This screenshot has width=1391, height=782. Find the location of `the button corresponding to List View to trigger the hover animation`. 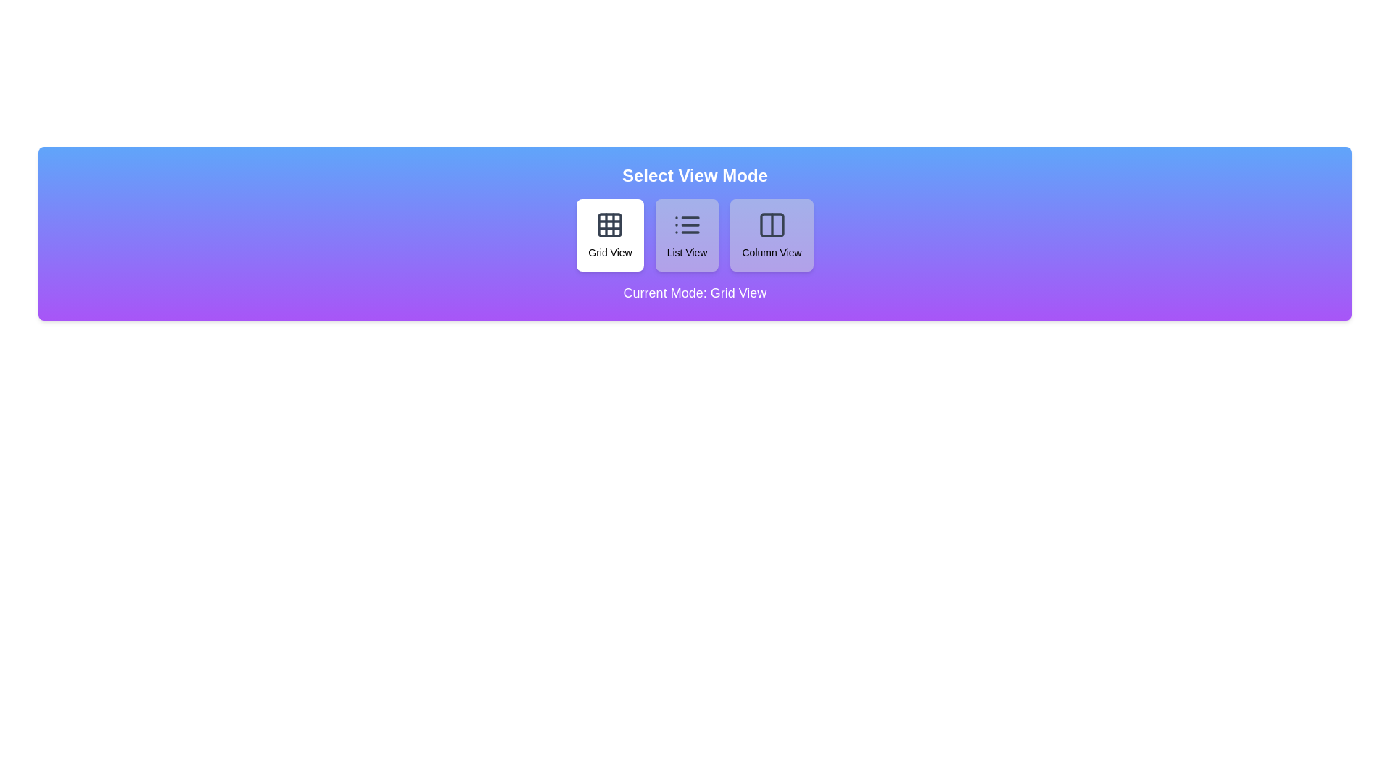

the button corresponding to List View to trigger the hover animation is located at coordinates (686, 234).